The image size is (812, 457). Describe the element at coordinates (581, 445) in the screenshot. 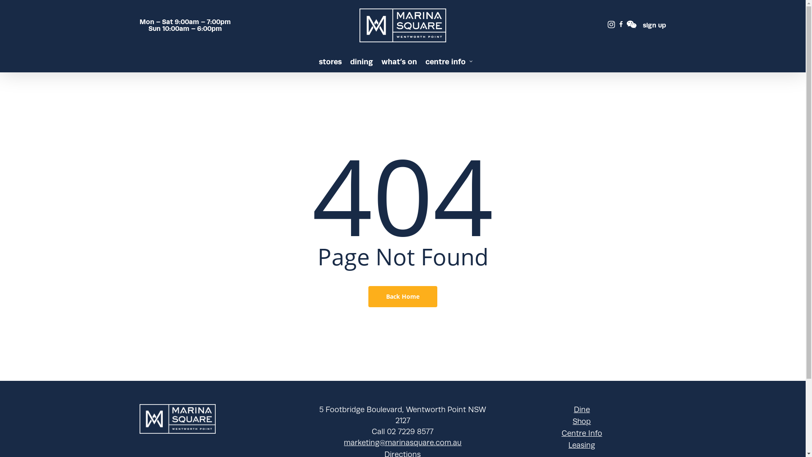

I see `'Leasing'` at that location.